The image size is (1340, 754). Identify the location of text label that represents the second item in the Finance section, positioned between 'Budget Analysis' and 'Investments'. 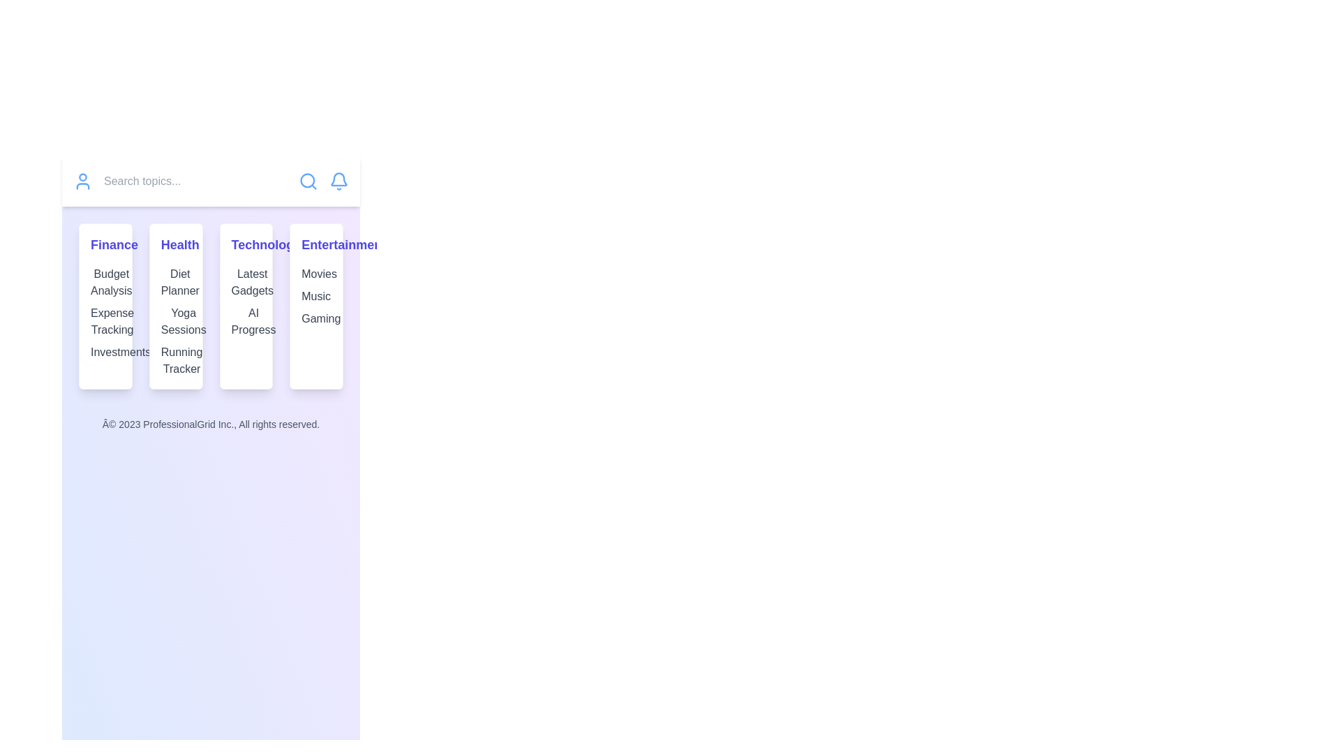
(105, 322).